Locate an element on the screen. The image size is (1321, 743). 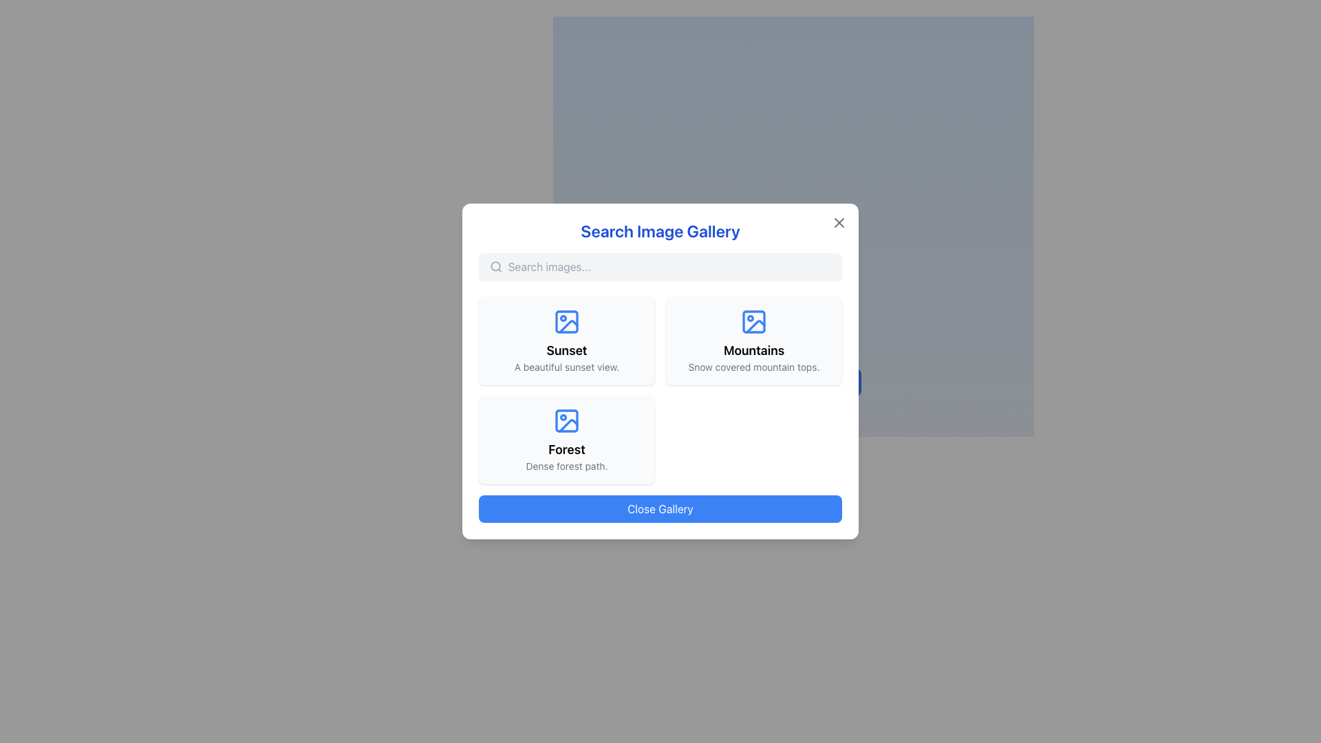
the image search button located at the top-center of the dialog interface is located at coordinates (793, 382).